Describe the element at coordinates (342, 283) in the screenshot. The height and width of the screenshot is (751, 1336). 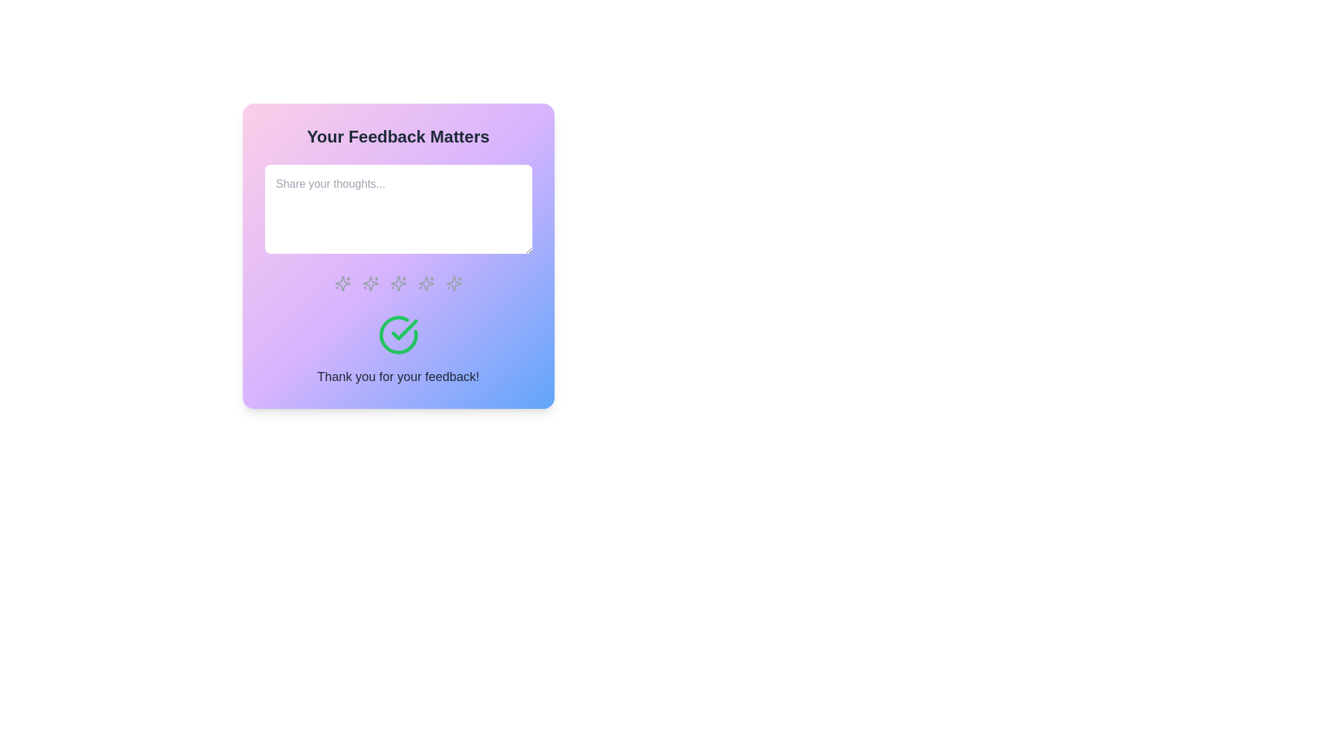
I see `the first star-shaped Rating Button, which is gray and positioned at the leftmost side of a horizontal row of similar icons, located directly below the feedback input box` at that location.